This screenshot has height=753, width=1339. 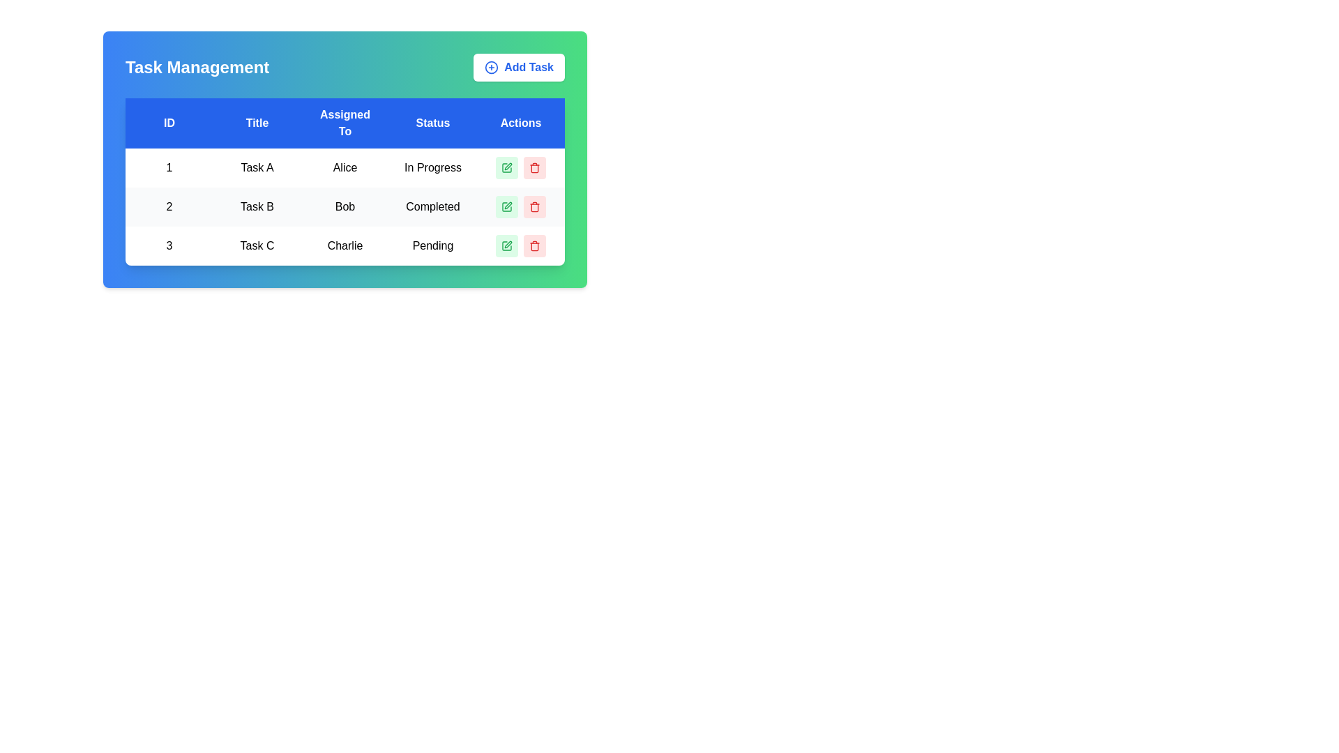 I want to click on the table displaying task details, so click(x=345, y=181).